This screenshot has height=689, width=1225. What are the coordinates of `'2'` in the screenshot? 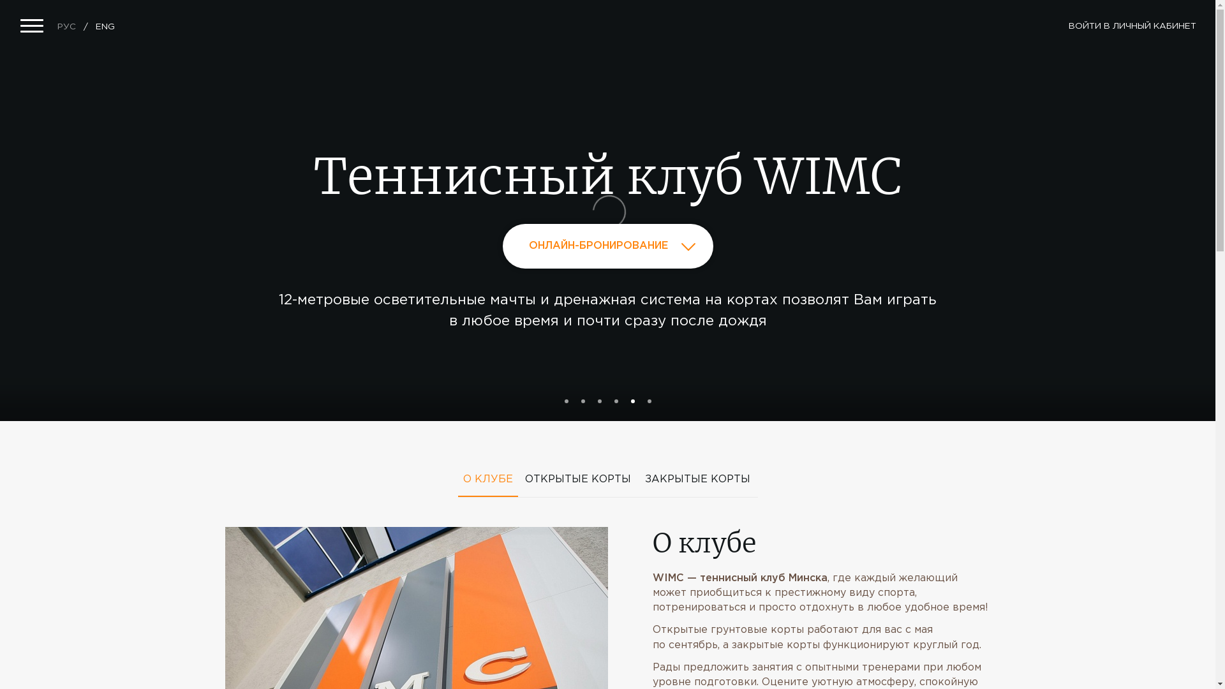 It's located at (581, 400).